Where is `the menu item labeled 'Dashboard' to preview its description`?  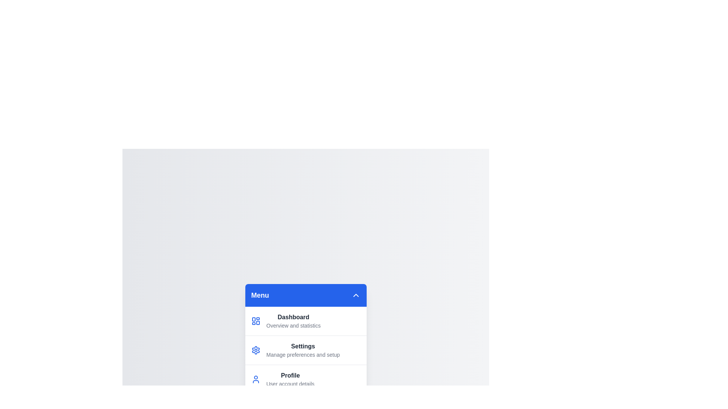 the menu item labeled 'Dashboard' to preview its description is located at coordinates (306, 321).